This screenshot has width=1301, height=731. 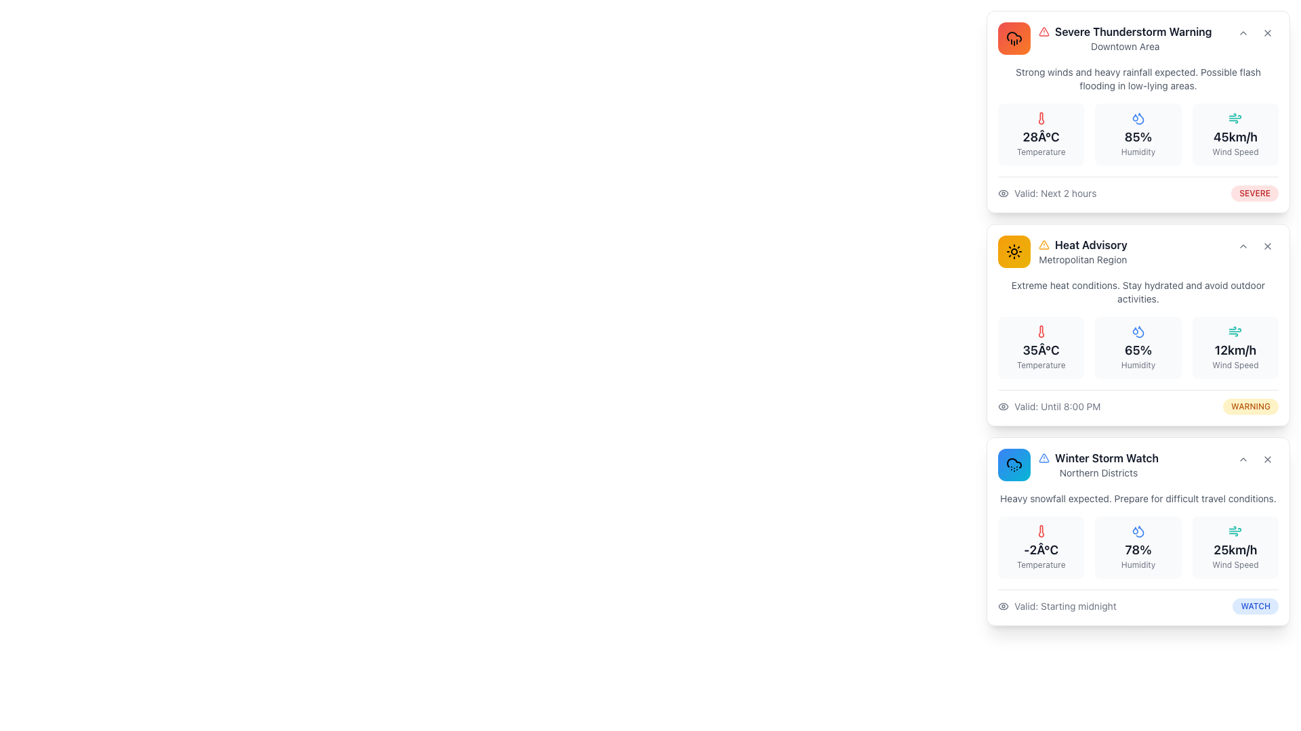 I want to click on the wind speed icon located in the lower-middle part of the 'Winter Storm Watch' section, so click(x=1235, y=529).